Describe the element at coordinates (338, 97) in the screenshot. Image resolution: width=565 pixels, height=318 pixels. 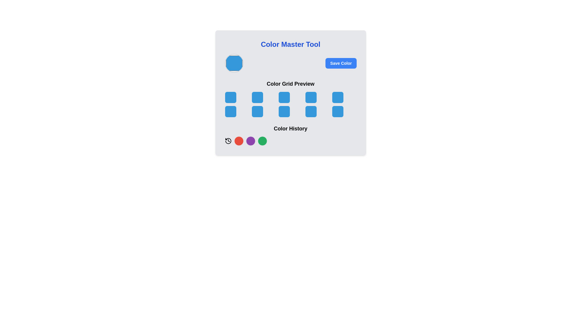
I see `the blue square button with rounded corners, which is the fifth item in the first row of a 5x2 grid layout` at that location.